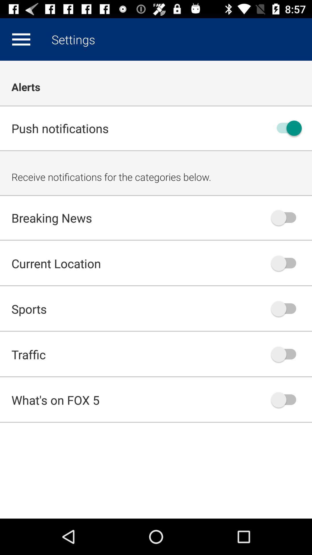  I want to click on fox 5 notification, so click(286, 399).